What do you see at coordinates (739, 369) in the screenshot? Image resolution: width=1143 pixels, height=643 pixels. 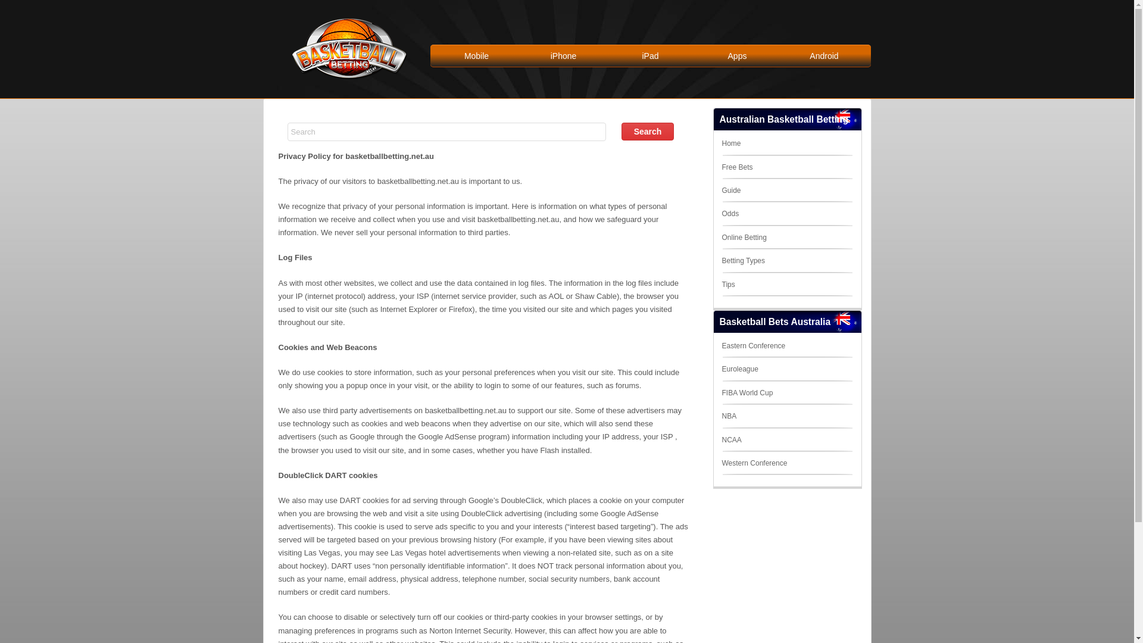 I see `'Euroleague'` at bounding box center [739, 369].